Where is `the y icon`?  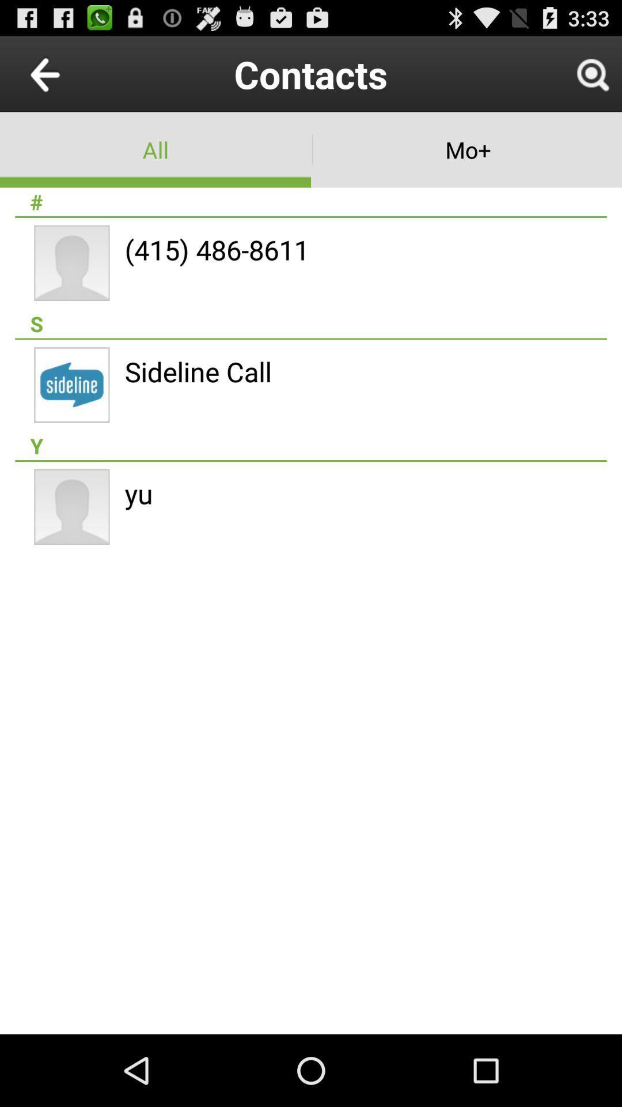
the y icon is located at coordinates (311, 445).